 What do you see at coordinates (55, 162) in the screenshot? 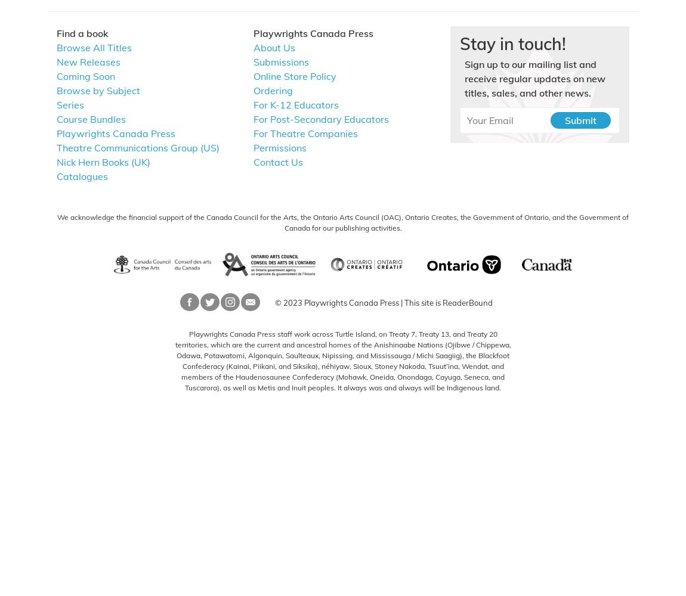
I see `'Nick Hern Books (UK)'` at bounding box center [55, 162].